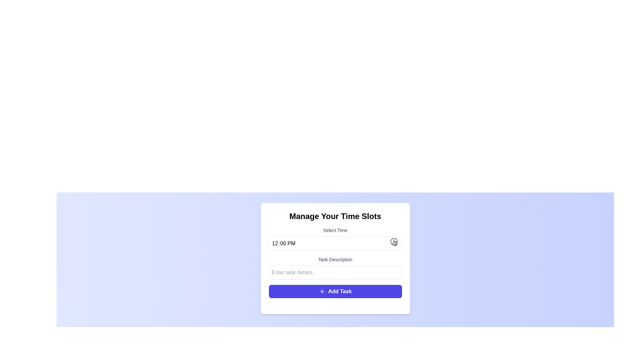 This screenshot has width=639, height=359. I want to click on the label that indicates the input field for entering a task description, positioned above the input box with the placeholder 'Enter task details', so click(335, 259).